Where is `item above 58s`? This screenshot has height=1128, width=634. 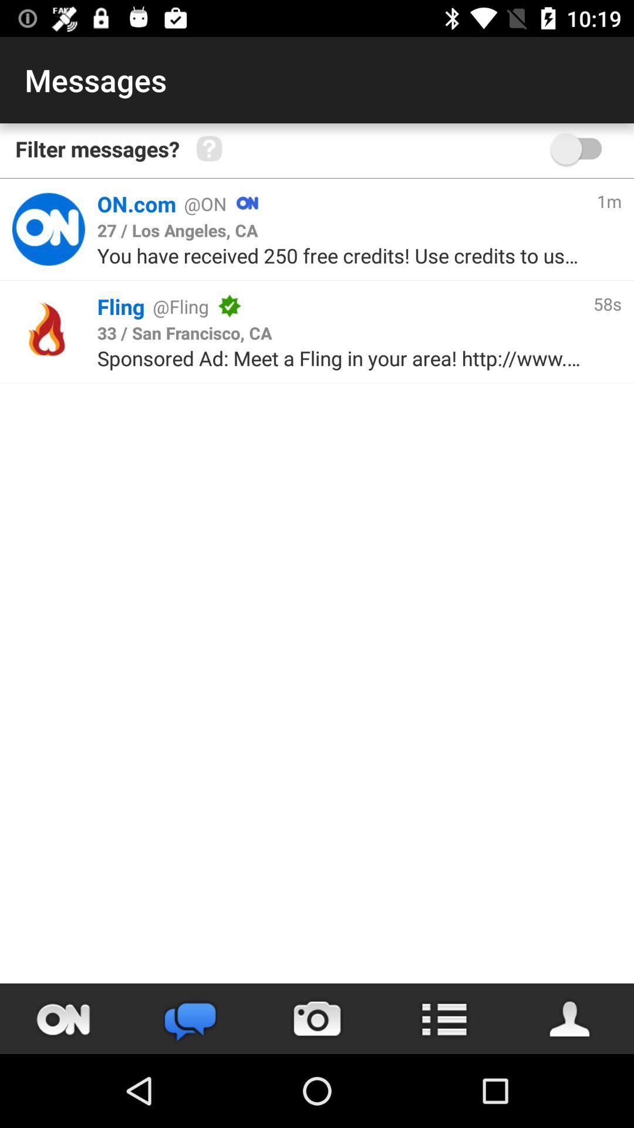 item above 58s is located at coordinates (608, 201).